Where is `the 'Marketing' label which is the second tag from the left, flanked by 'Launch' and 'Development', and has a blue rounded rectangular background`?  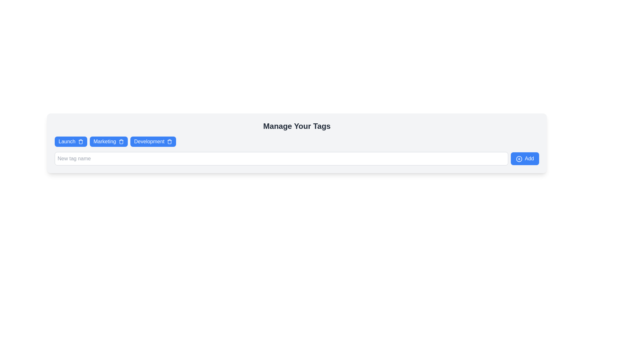 the 'Marketing' label which is the second tag from the left, flanked by 'Launch' and 'Development', and has a blue rounded rectangular background is located at coordinates (105, 141).